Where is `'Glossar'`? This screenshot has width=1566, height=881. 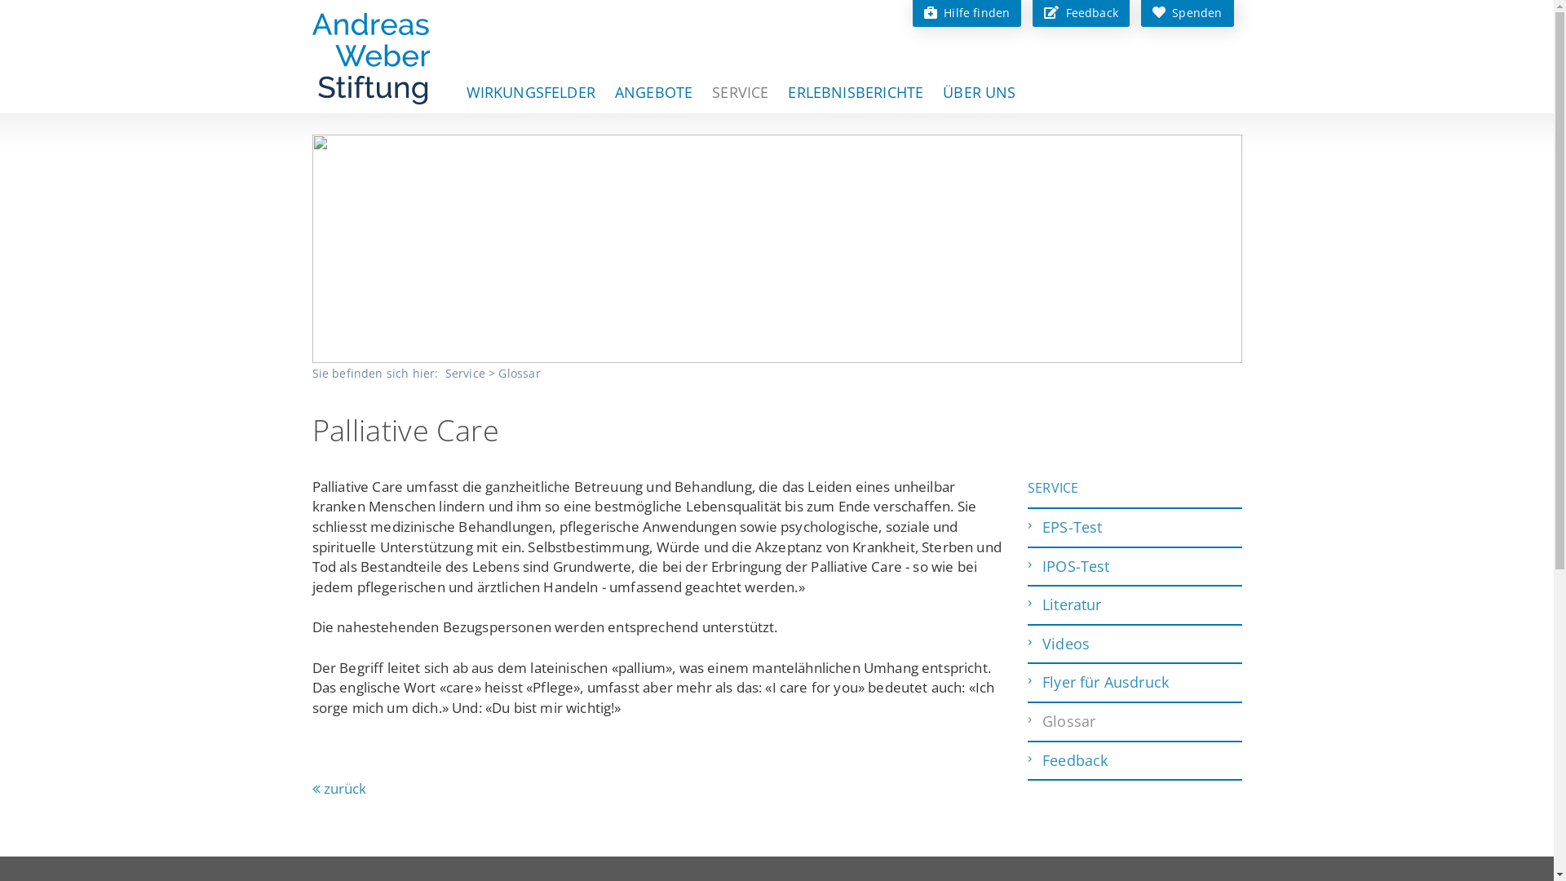 'Glossar' is located at coordinates (1026, 720).